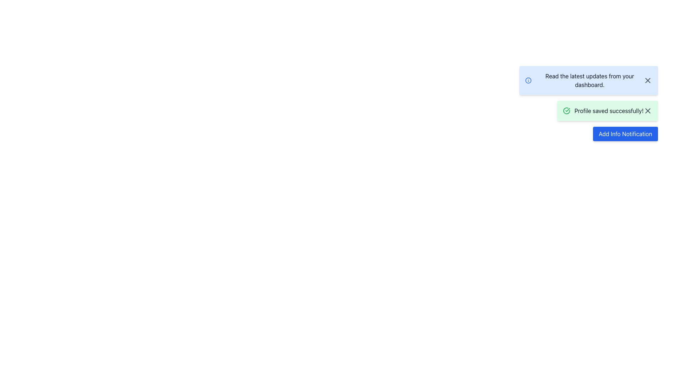 The height and width of the screenshot is (390, 693). Describe the element at coordinates (625, 134) in the screenshot. I see `the button with the label 'Add Info Notification', which has a dark blue background and white text` at that location.